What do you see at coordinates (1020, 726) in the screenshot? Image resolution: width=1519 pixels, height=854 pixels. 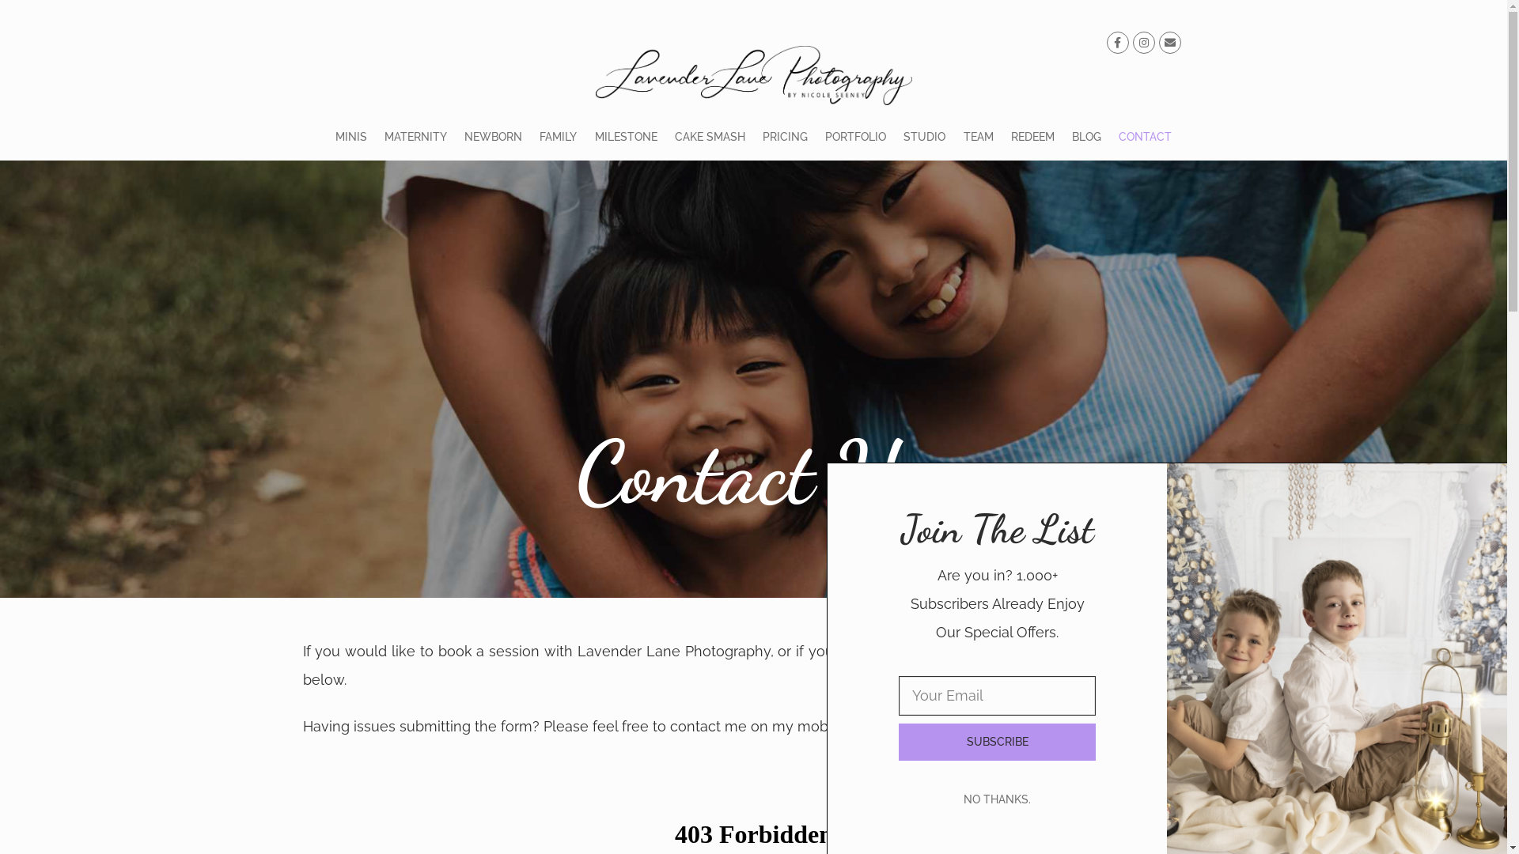 I see `'Facebook'` at bounding box center [1020, 726].